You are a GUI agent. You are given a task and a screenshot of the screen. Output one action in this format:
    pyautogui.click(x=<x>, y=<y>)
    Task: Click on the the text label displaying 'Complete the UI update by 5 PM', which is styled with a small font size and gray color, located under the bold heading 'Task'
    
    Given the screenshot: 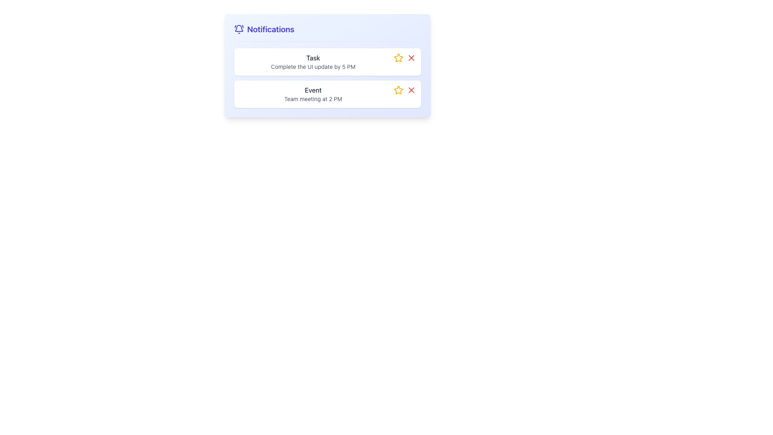 What is the action you would take?
    pyautogui.click(x=312, y=66)
    